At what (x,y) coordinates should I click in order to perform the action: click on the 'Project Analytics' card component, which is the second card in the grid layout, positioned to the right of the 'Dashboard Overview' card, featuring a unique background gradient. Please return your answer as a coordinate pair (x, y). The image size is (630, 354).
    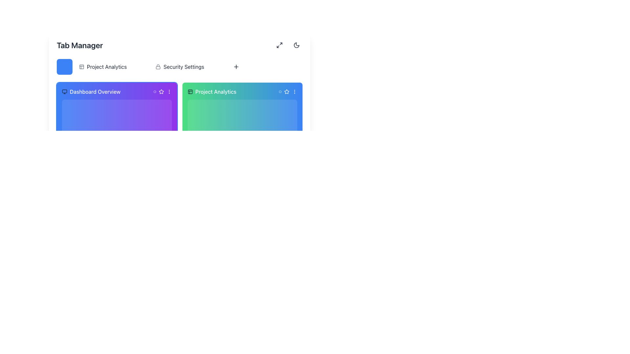
    Looking at the image, I should click on (242, 114).